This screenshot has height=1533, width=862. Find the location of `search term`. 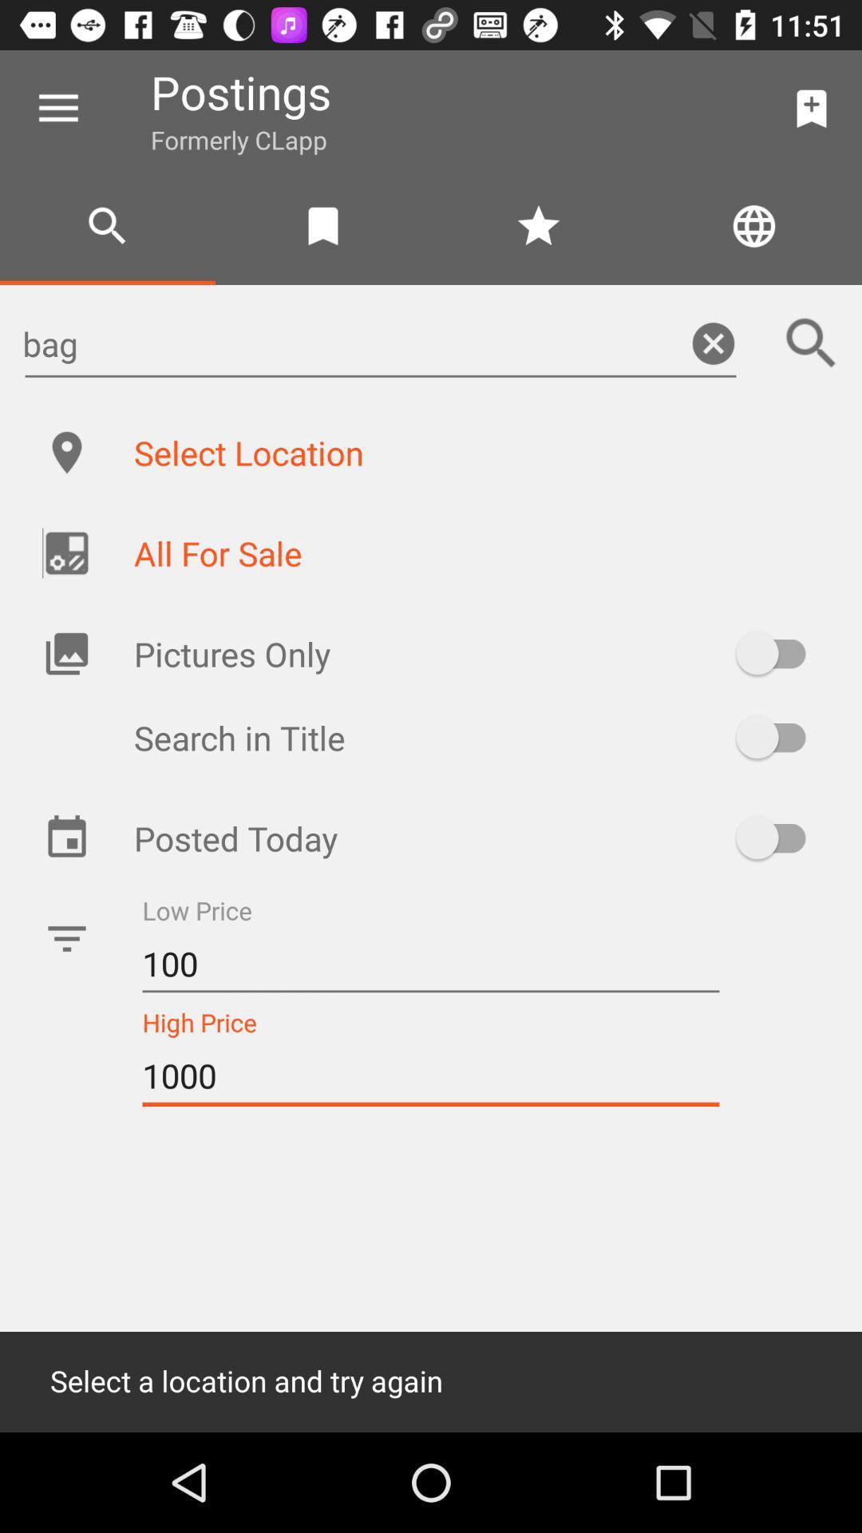

search term is located at coordinates (812, 343).